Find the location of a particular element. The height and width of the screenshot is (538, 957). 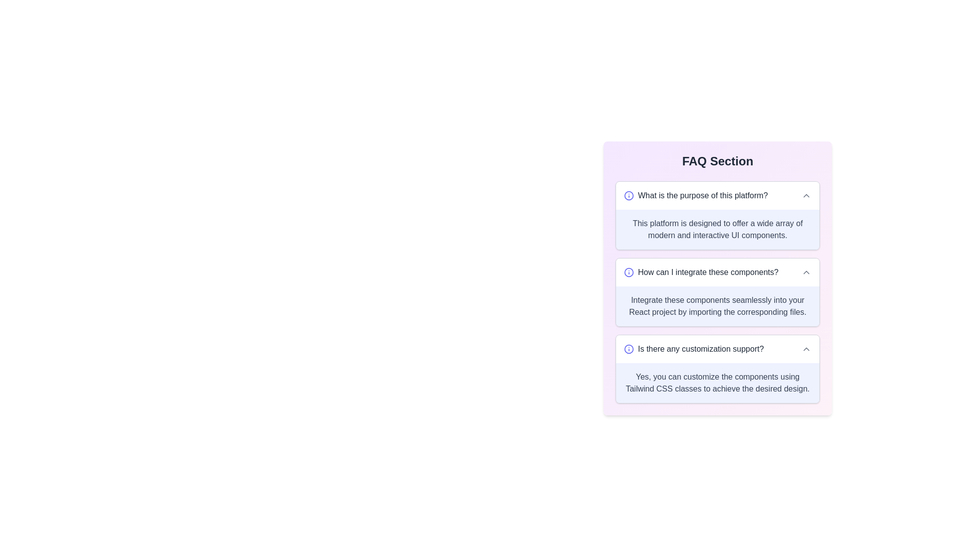

the information indicator icon located on the left side of the text 'What is the purpose of this platform?' in the FAQ section is located at coordinates (629, 196).